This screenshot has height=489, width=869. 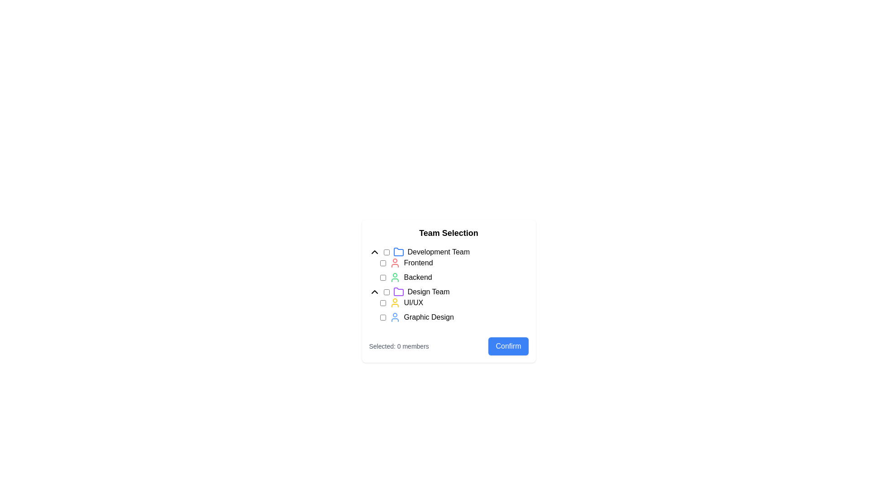 What do you see at coordinates (449, 284) in the screenshot?
I see `the section with grouped selectable options for team categories and members in the 'Team Selection' card` at bounding box center [449, 284].